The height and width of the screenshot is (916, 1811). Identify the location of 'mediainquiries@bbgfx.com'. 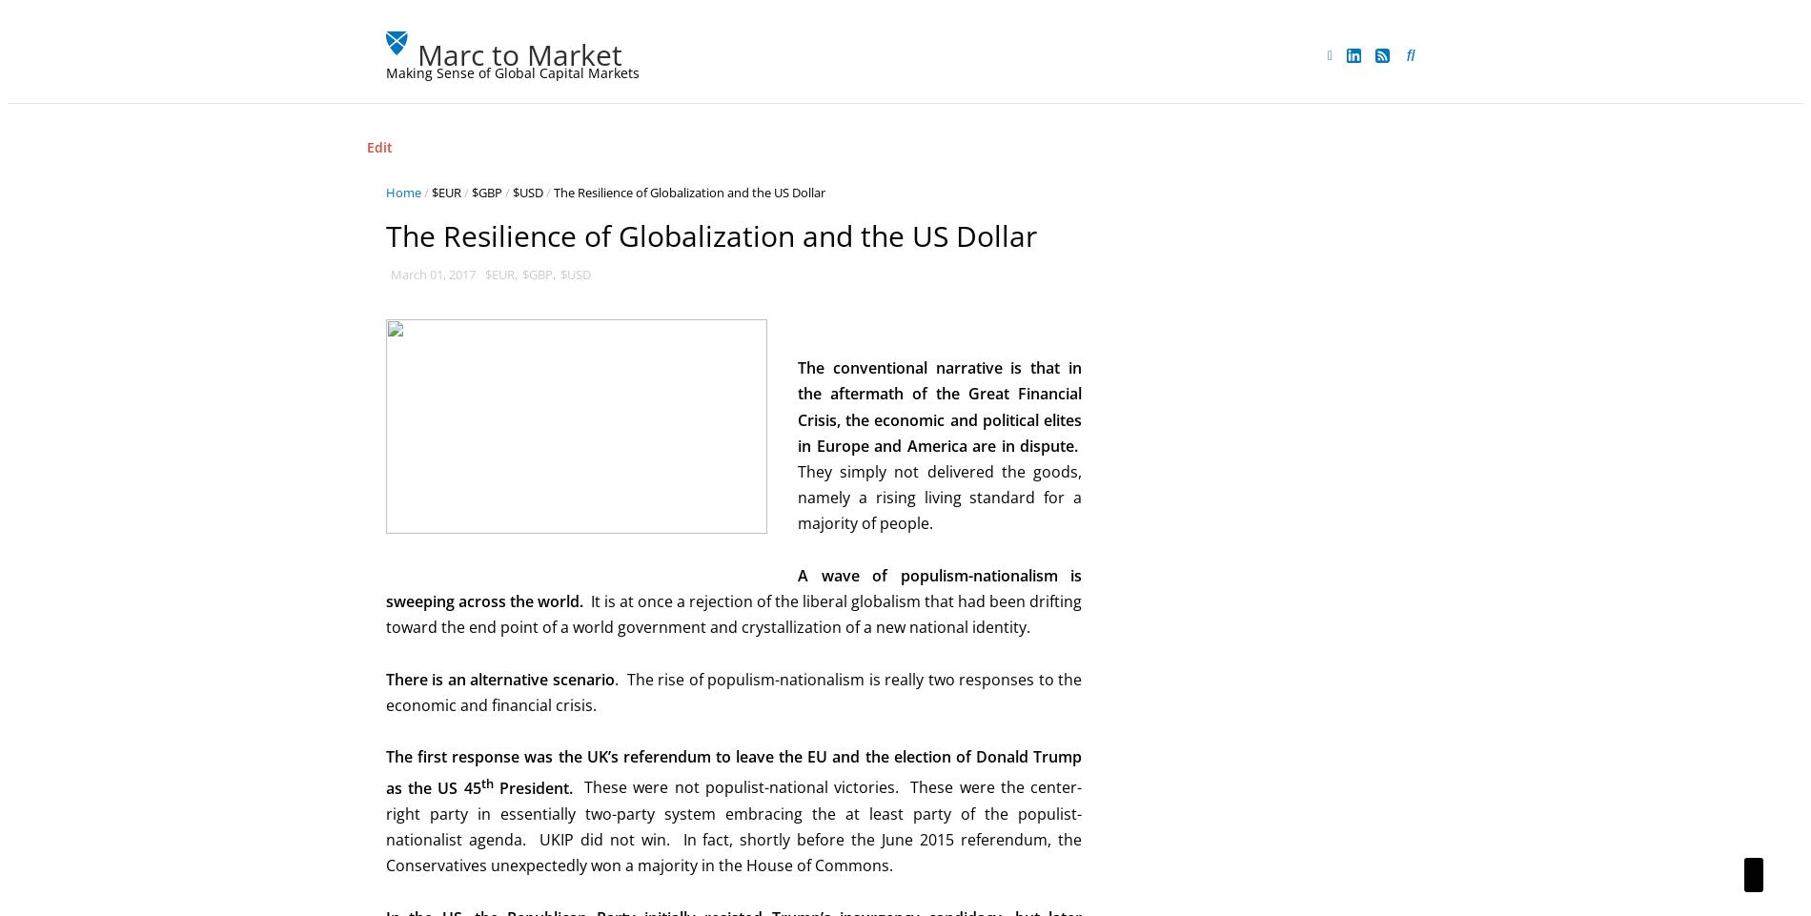
(1201, 471).